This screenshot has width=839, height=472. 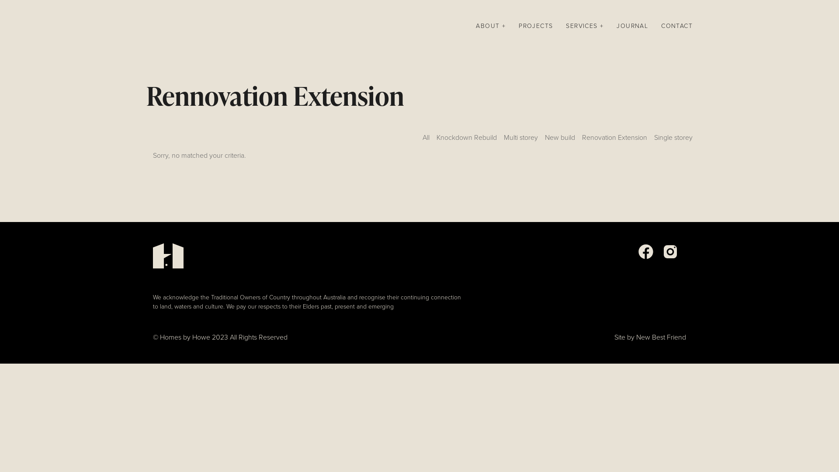 I want to click on 'Home', so click(x=146, y=26).